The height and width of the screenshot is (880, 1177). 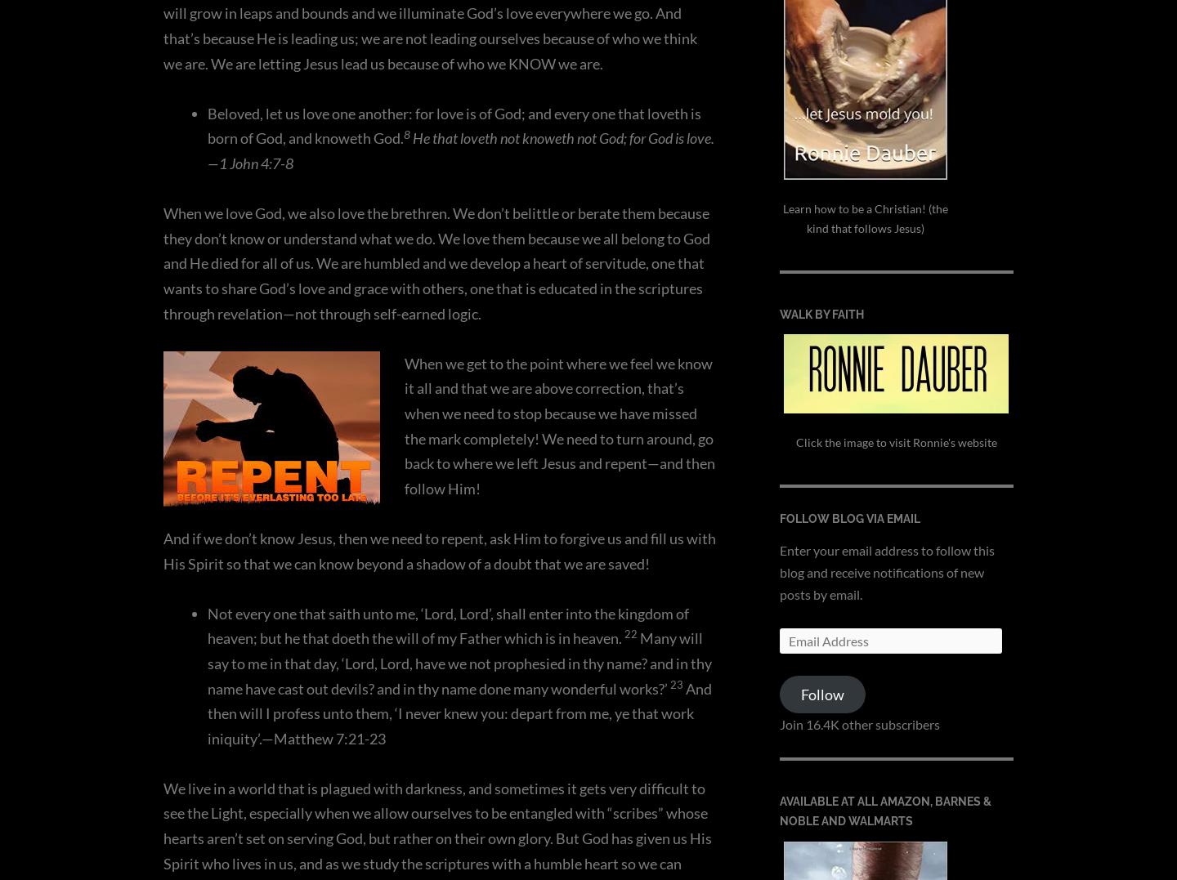 What do you see at coordinates (794, 442) in the screenshot?
I see `'Click the image to visit Ronnie's website'` at bounding box center [794, 442].